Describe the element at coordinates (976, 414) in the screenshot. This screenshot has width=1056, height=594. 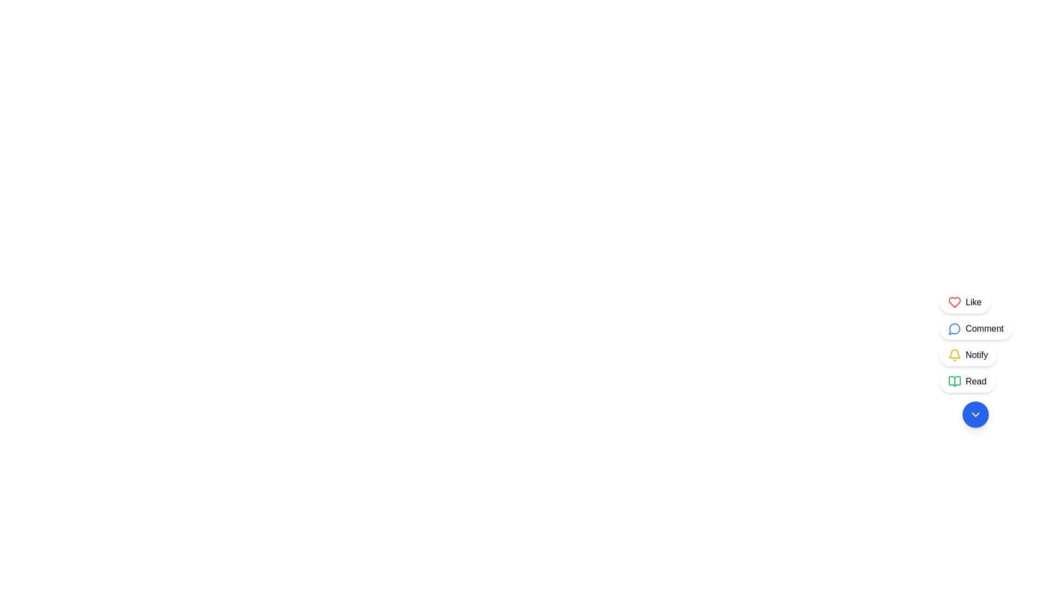
I see `the circular blue button with a white downward chevron icon` at that location.